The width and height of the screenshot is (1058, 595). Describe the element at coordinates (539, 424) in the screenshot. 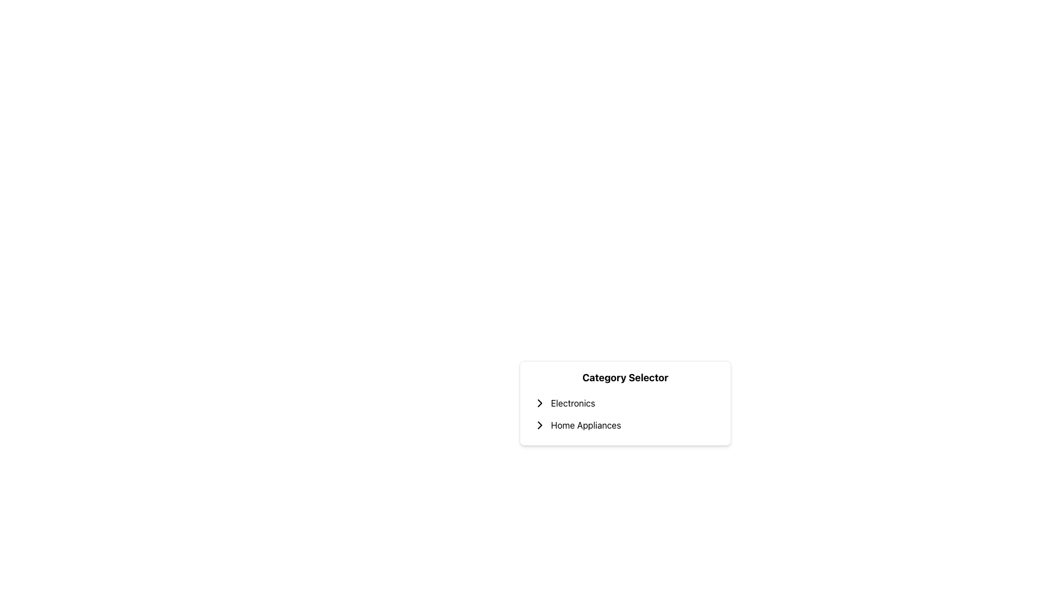

I see `the black chevron icon facing right, which is positioned to the left of the text 'Home Appliances' in the menu list` at that location.